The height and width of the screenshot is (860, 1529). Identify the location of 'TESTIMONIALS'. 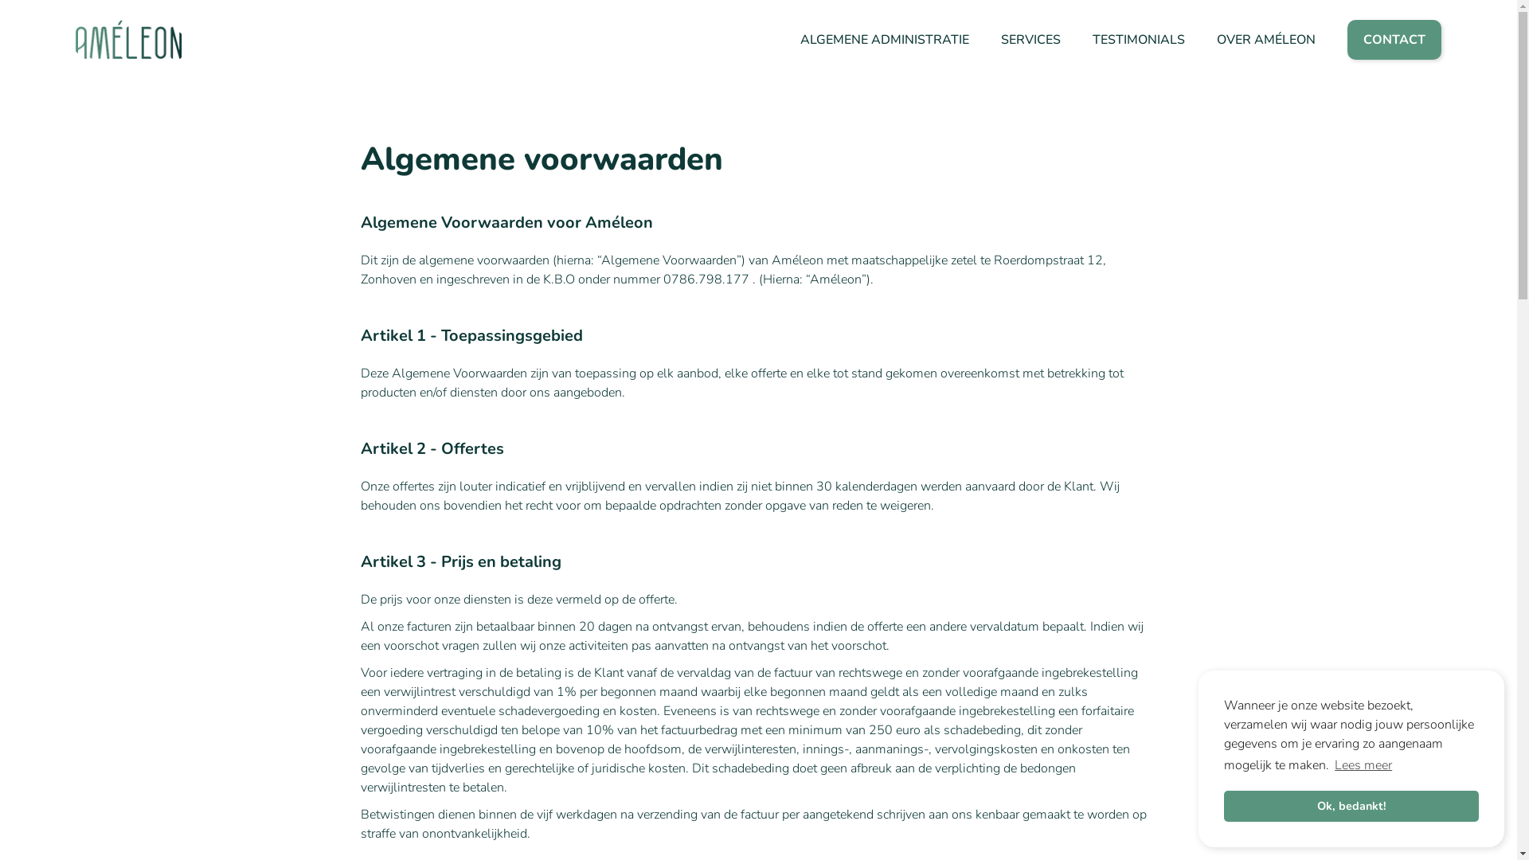
(1092, 39).